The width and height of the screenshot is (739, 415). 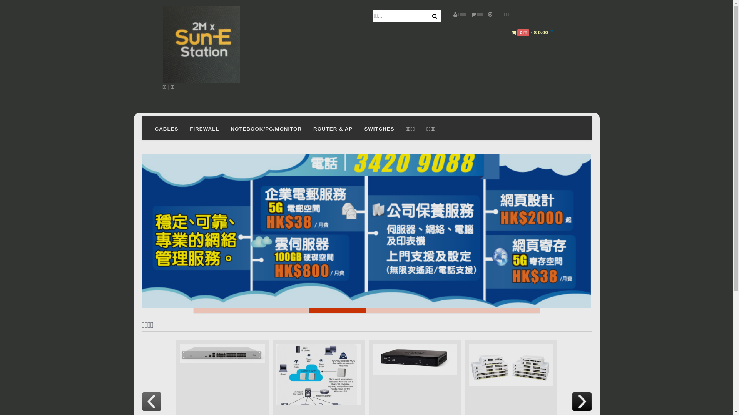 I want to click on 'CABLES', so click(x=166, y=128).